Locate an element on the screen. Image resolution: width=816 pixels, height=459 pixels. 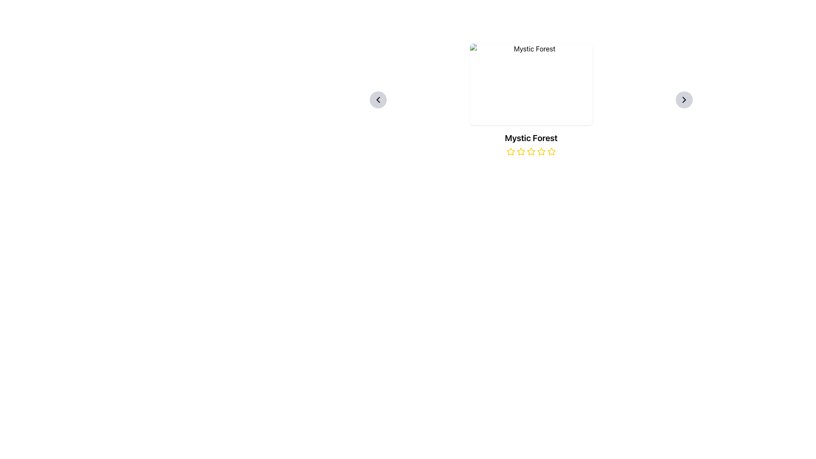
the Rating component, which consists of five yellow, hollowed-out star icons arranged in a row, located below the 'Mystic Forest' title is located at coordinates (530, 151).